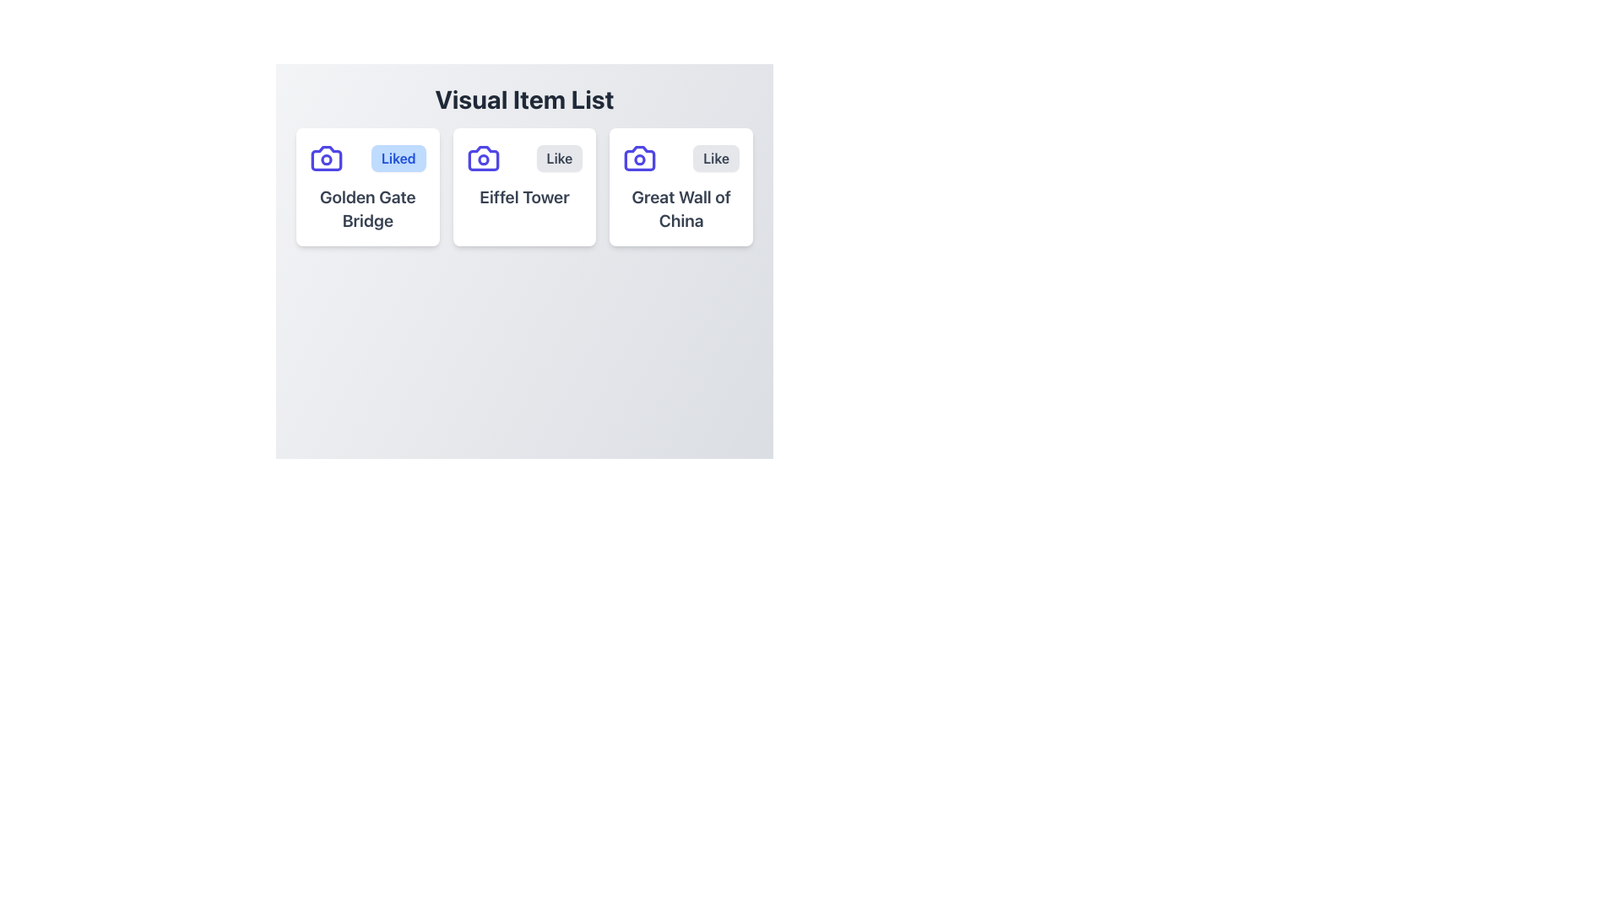 The width and height of the screenshot is (1621, 911). I want to click on the like button located at the top-right corner of the third item in the 'Visual Item List', which is to the right of the indigo camera icon and above the text 'Great Wall of China', so click(716, 159).